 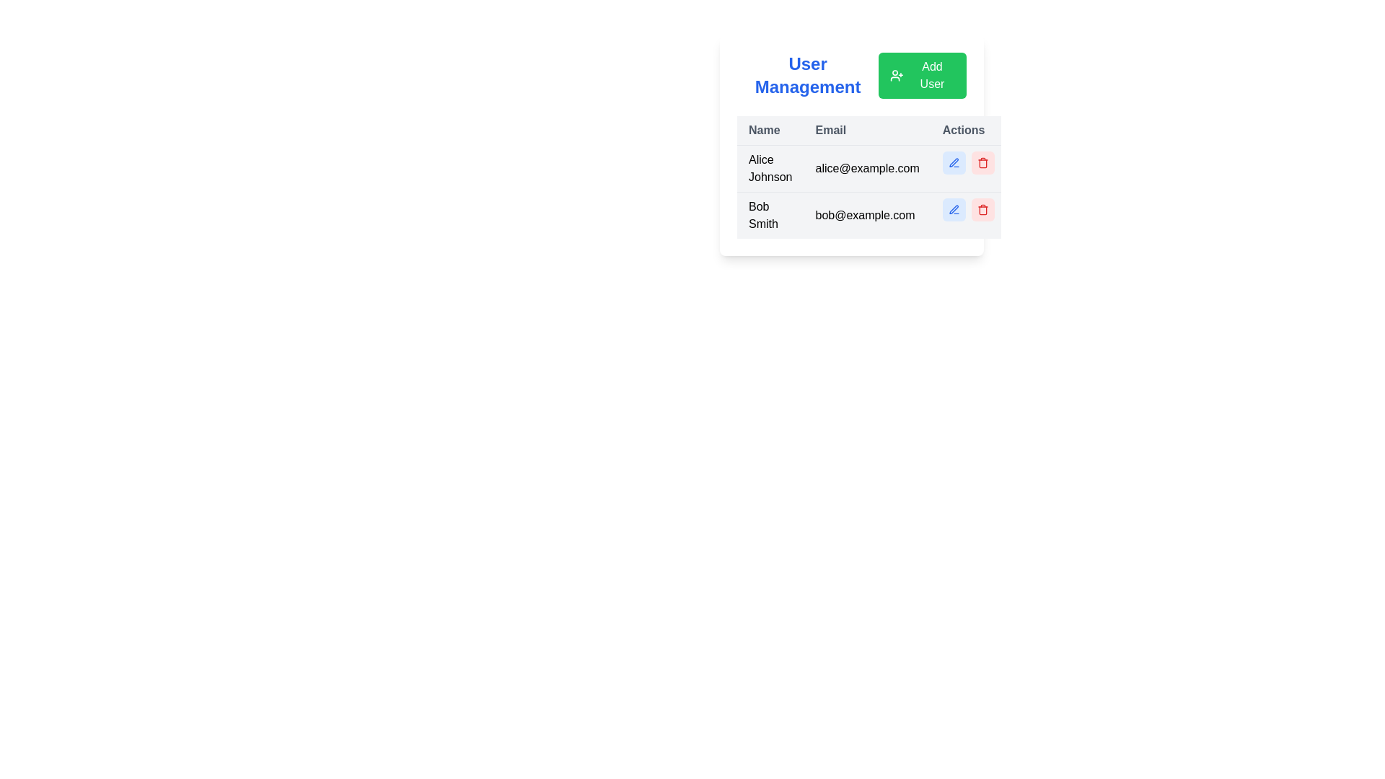 I want to click on the pen icon button in the 'Actions' column for the user 'Bob Smith', so click(x=954, y=162).